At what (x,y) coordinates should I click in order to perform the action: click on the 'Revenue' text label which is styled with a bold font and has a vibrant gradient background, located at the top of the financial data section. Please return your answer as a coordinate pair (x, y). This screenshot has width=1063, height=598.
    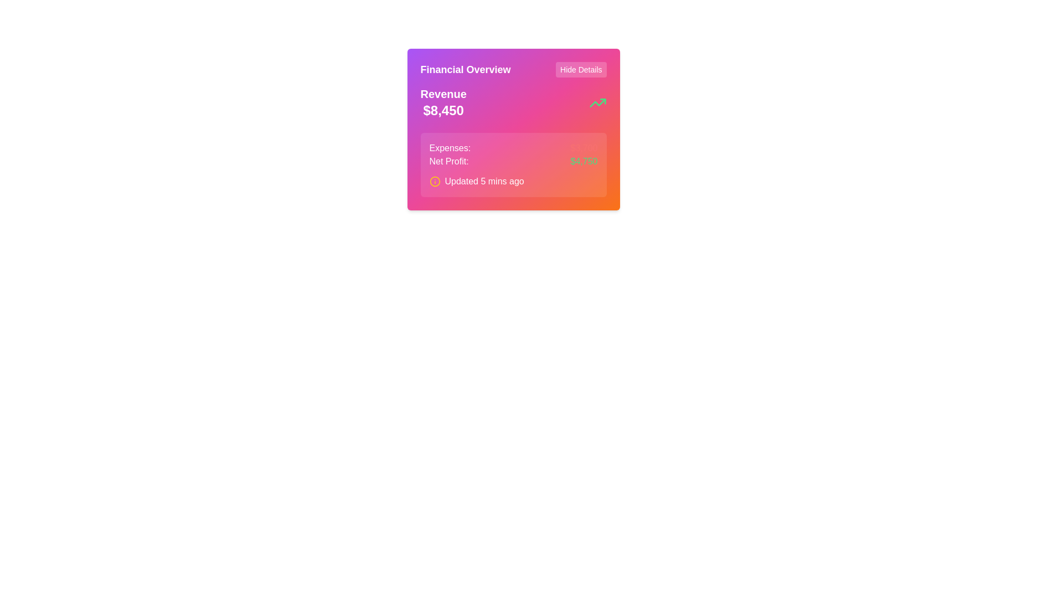
    Looking at the image, I should click on (443, 93).